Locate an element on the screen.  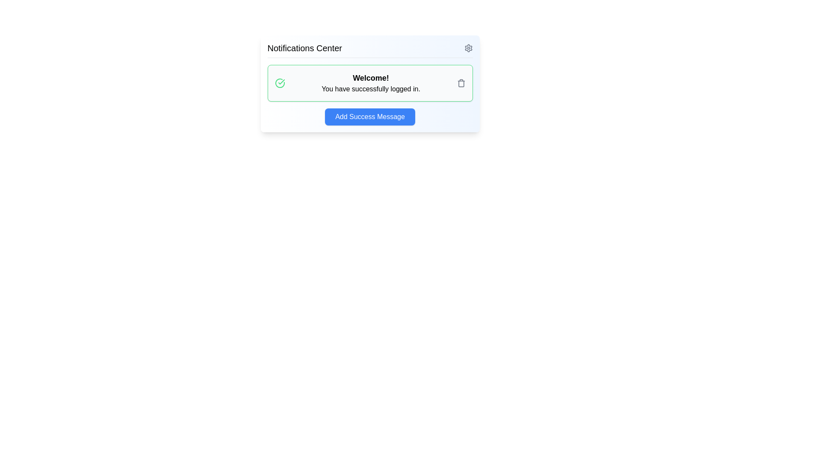
the circular check icon with a green outline located in the notification box header area is located at coordinates (280, 83).